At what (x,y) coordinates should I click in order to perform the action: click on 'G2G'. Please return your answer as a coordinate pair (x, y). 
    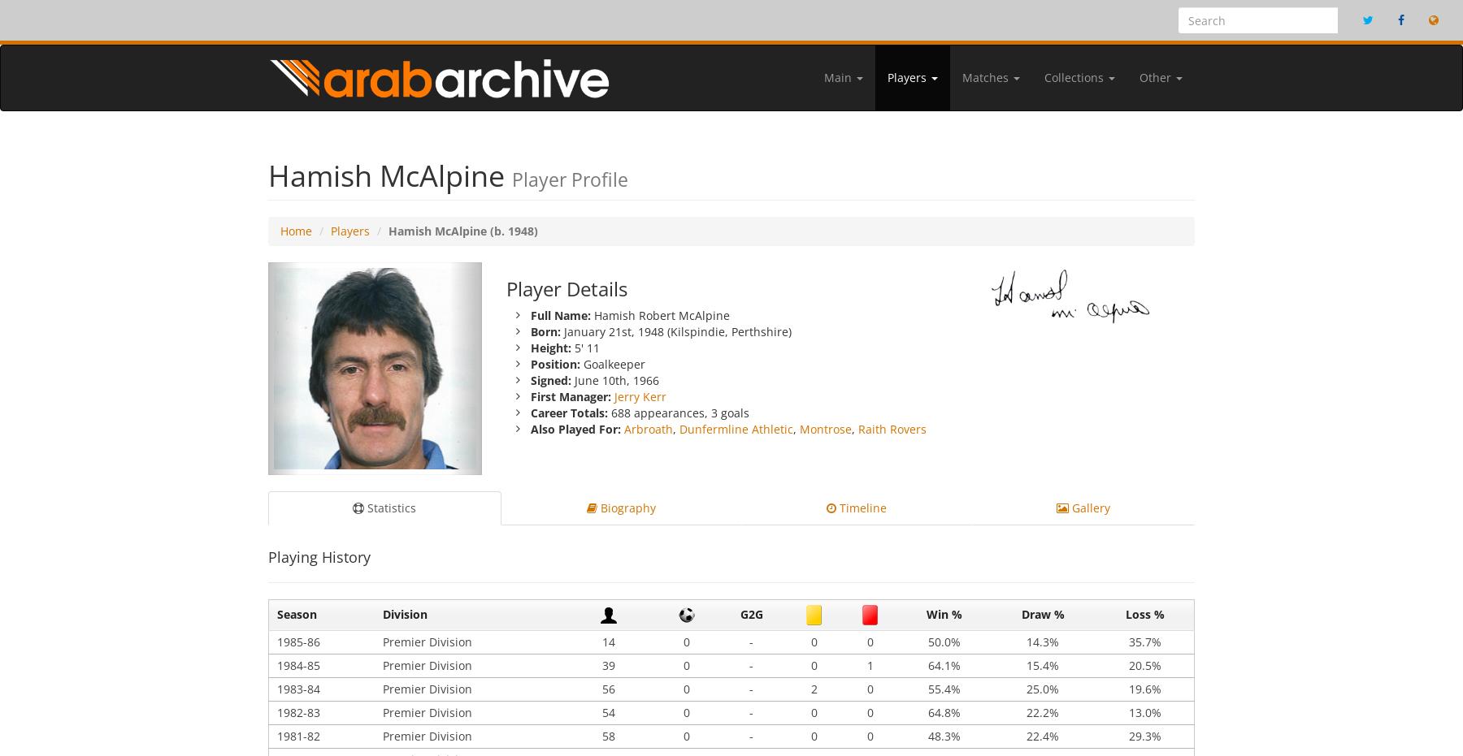
    Looking at the image, I should click on (739, 614).